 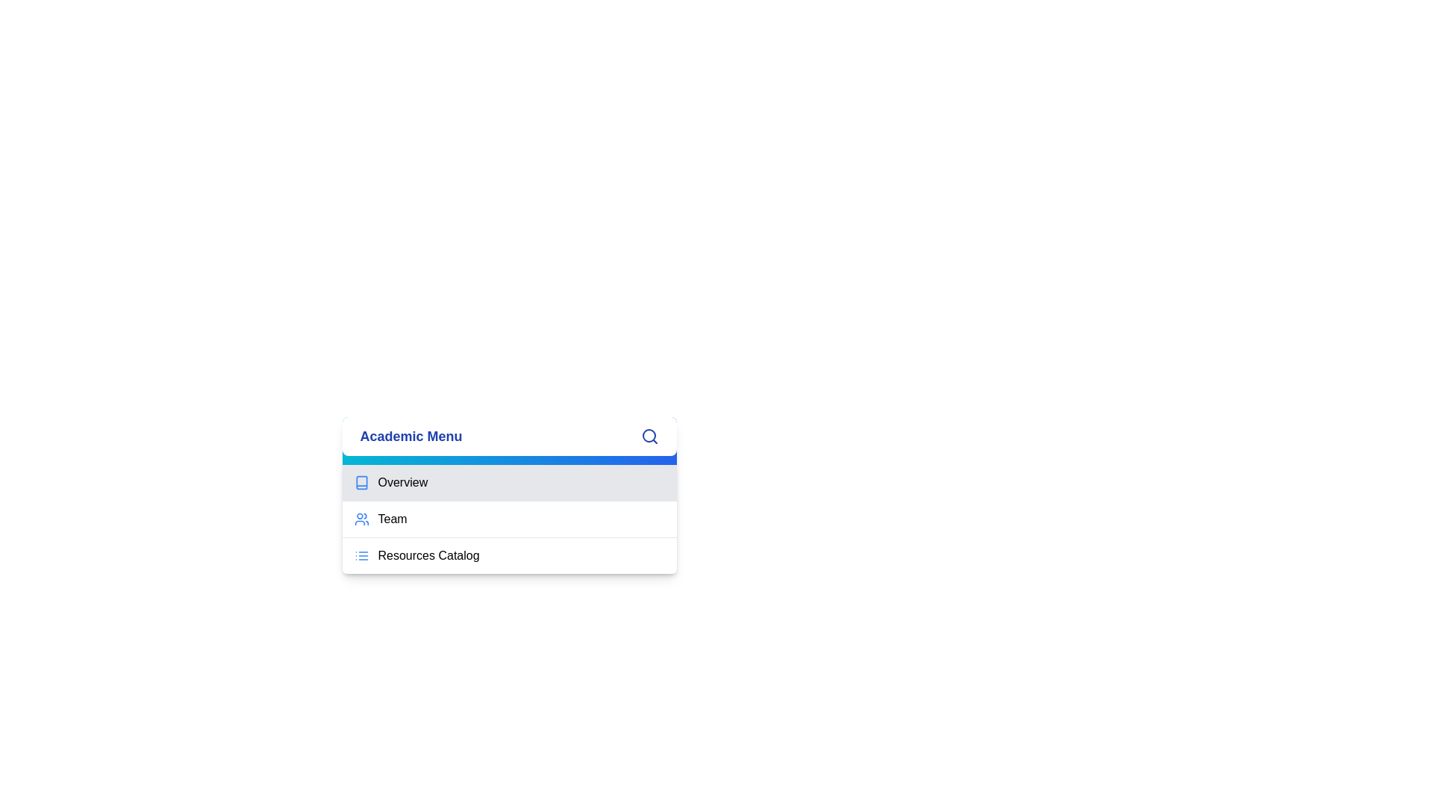 I want to click on the second item in the 'Academic Menu' dropdown, so click(x=509, y=518).